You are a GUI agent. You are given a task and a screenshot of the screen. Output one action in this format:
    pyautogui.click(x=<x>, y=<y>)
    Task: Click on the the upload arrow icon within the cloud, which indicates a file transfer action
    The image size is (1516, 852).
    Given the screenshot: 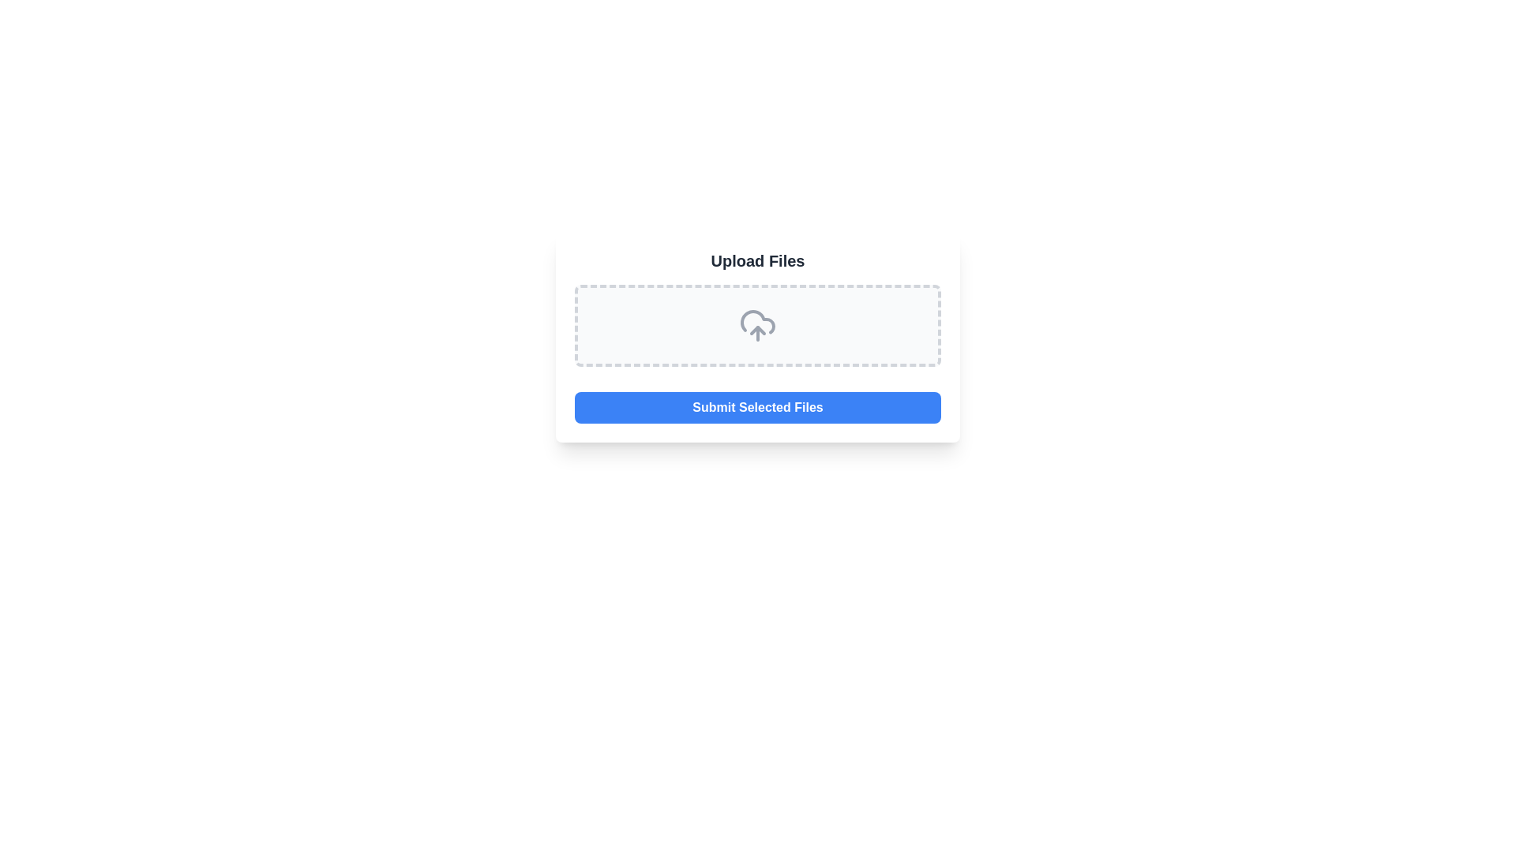 What is the action you would take?
    pyautogui.click(x=758, y=330)
    